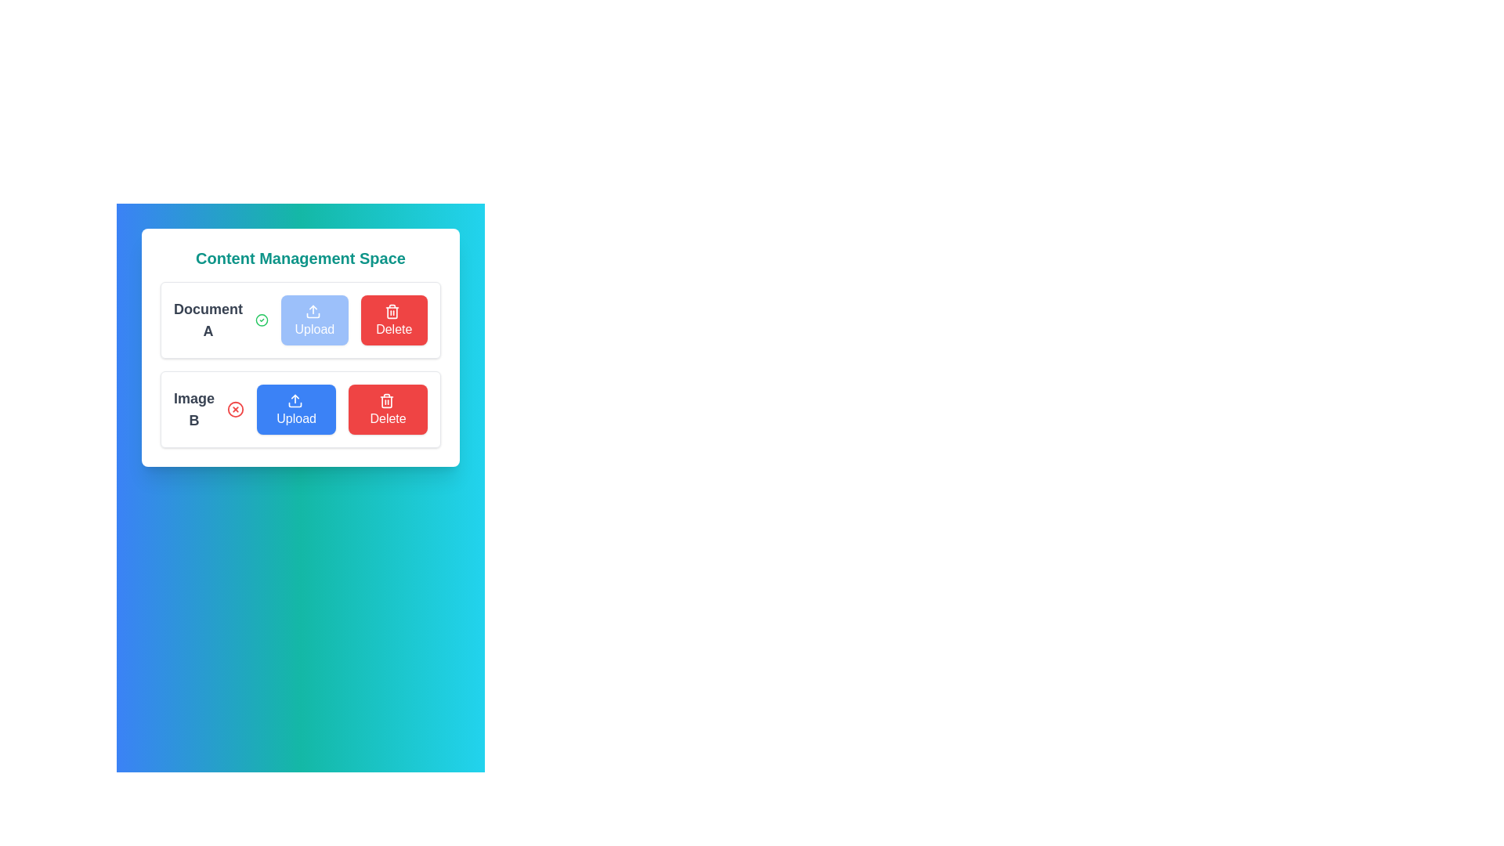  I want to click on the blue upload button in the Control row for content management, so click(301, 409).